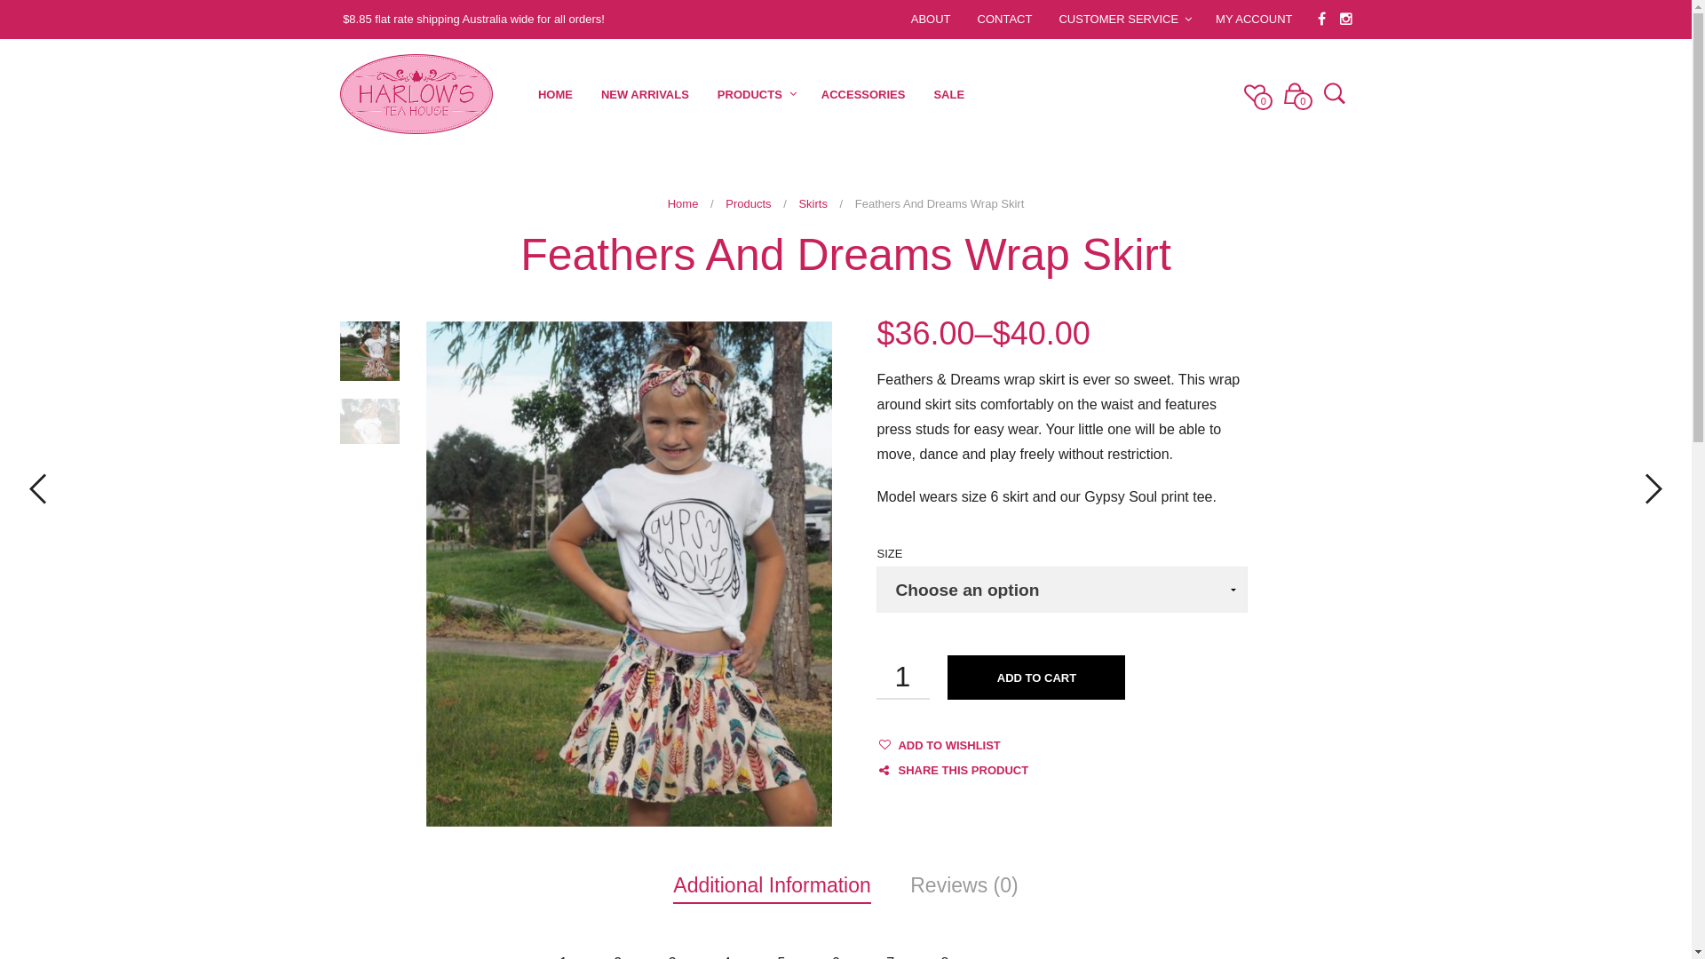  Describe the element at coordinates (1294, 92) in the screenshot. I see `'0'` at that location.